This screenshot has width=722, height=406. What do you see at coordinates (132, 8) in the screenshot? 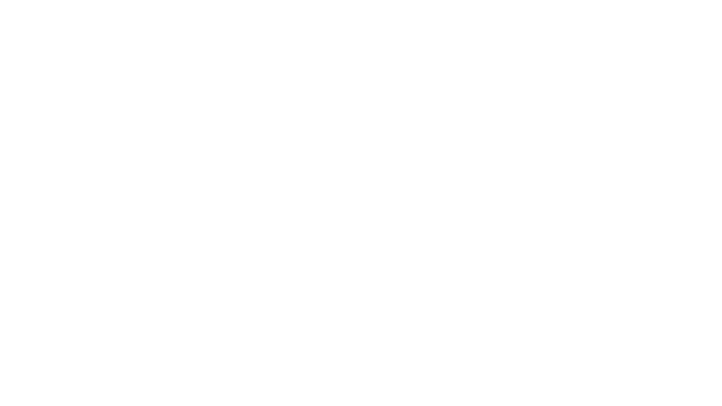
I see `OCV Ops Guideline for Portfolio Companies` at bounding box center [132, 8].